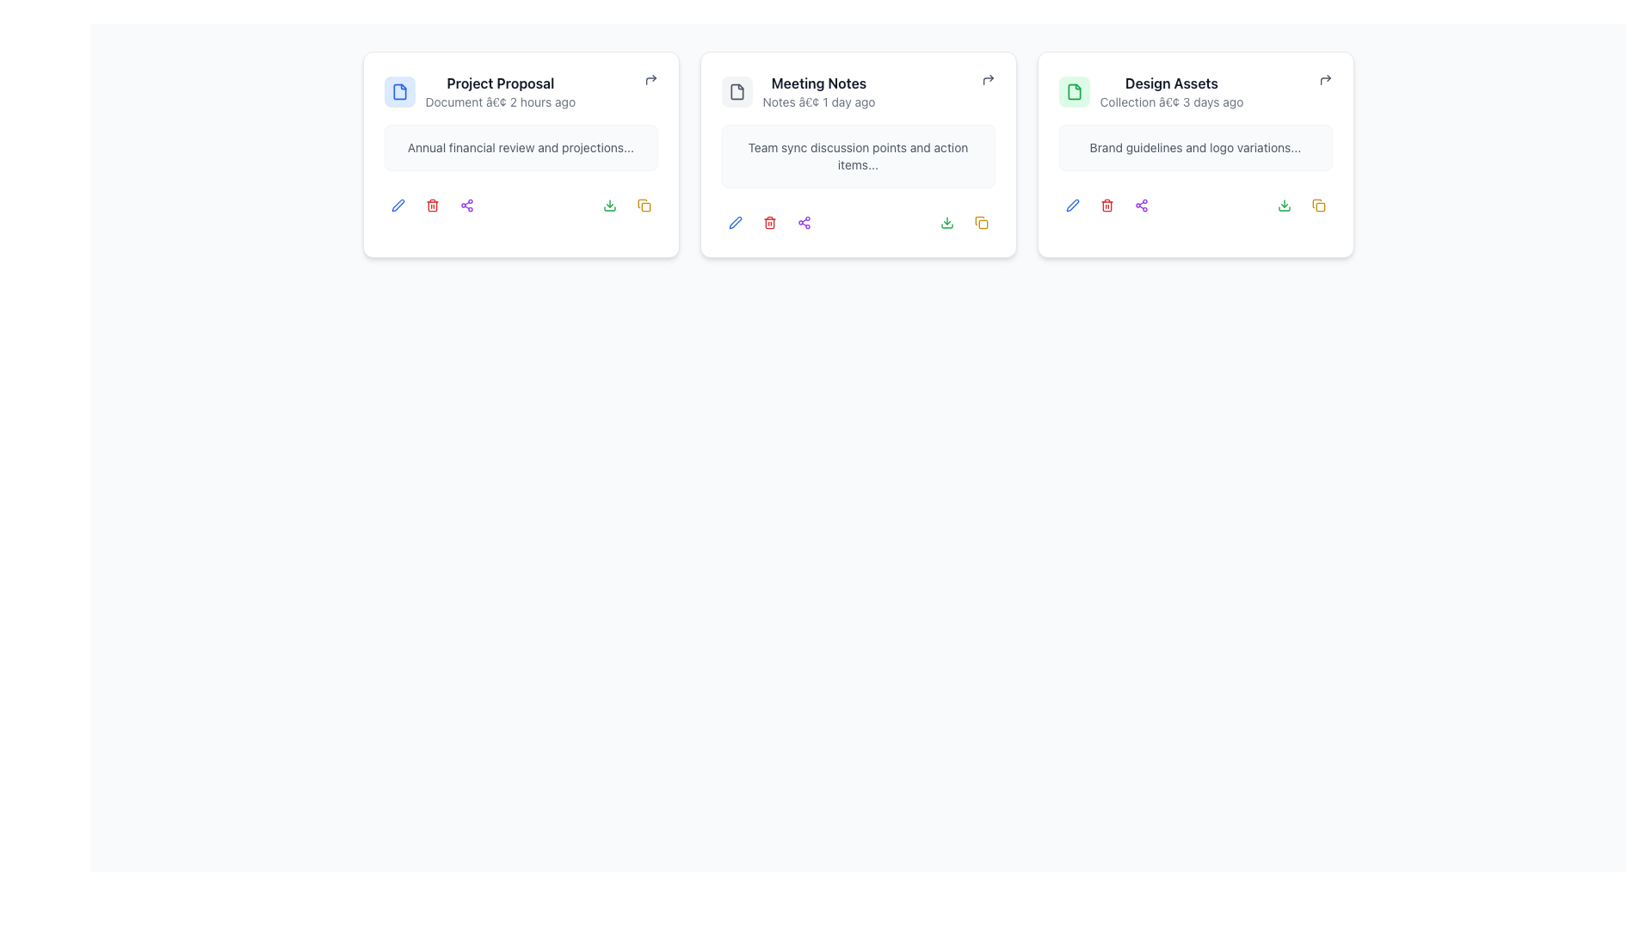 The image size is (1652, 929). Describe the element at coordinates (1194, 201) in the screenshot. I see `the toolbar located at the bottom-right corner of the 'Design Assets' panel` at that location.